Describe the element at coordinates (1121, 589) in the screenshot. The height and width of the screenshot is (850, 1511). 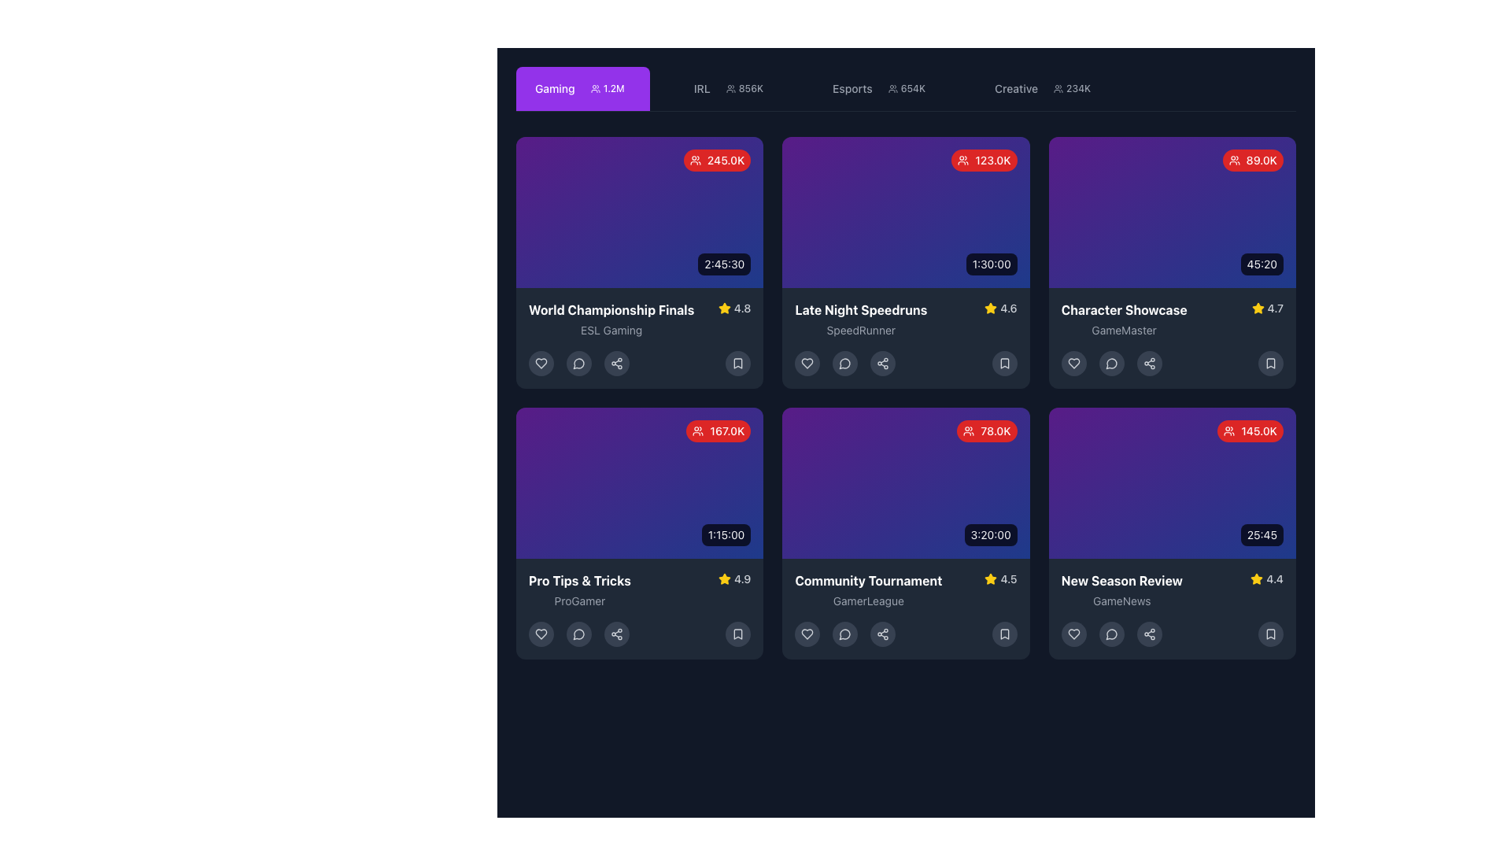
I see `the textual label located at the bottom-right corner of the card, which provides a title and subtitle for the content, positioned below a purple section with a numerical indicator and to the left of a star rating icon` at that location.